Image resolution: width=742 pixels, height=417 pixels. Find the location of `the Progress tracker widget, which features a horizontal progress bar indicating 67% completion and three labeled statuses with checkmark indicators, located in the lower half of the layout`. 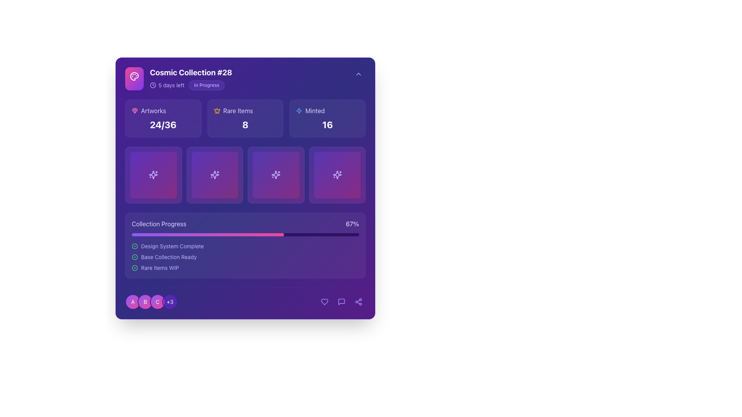

the Progress tracker widget, which features a horizontal progress bar indicating 67% completion and three labeled statuses with checkmark indicators, located in the lower half of the layout is located at coordinates (245, 245).